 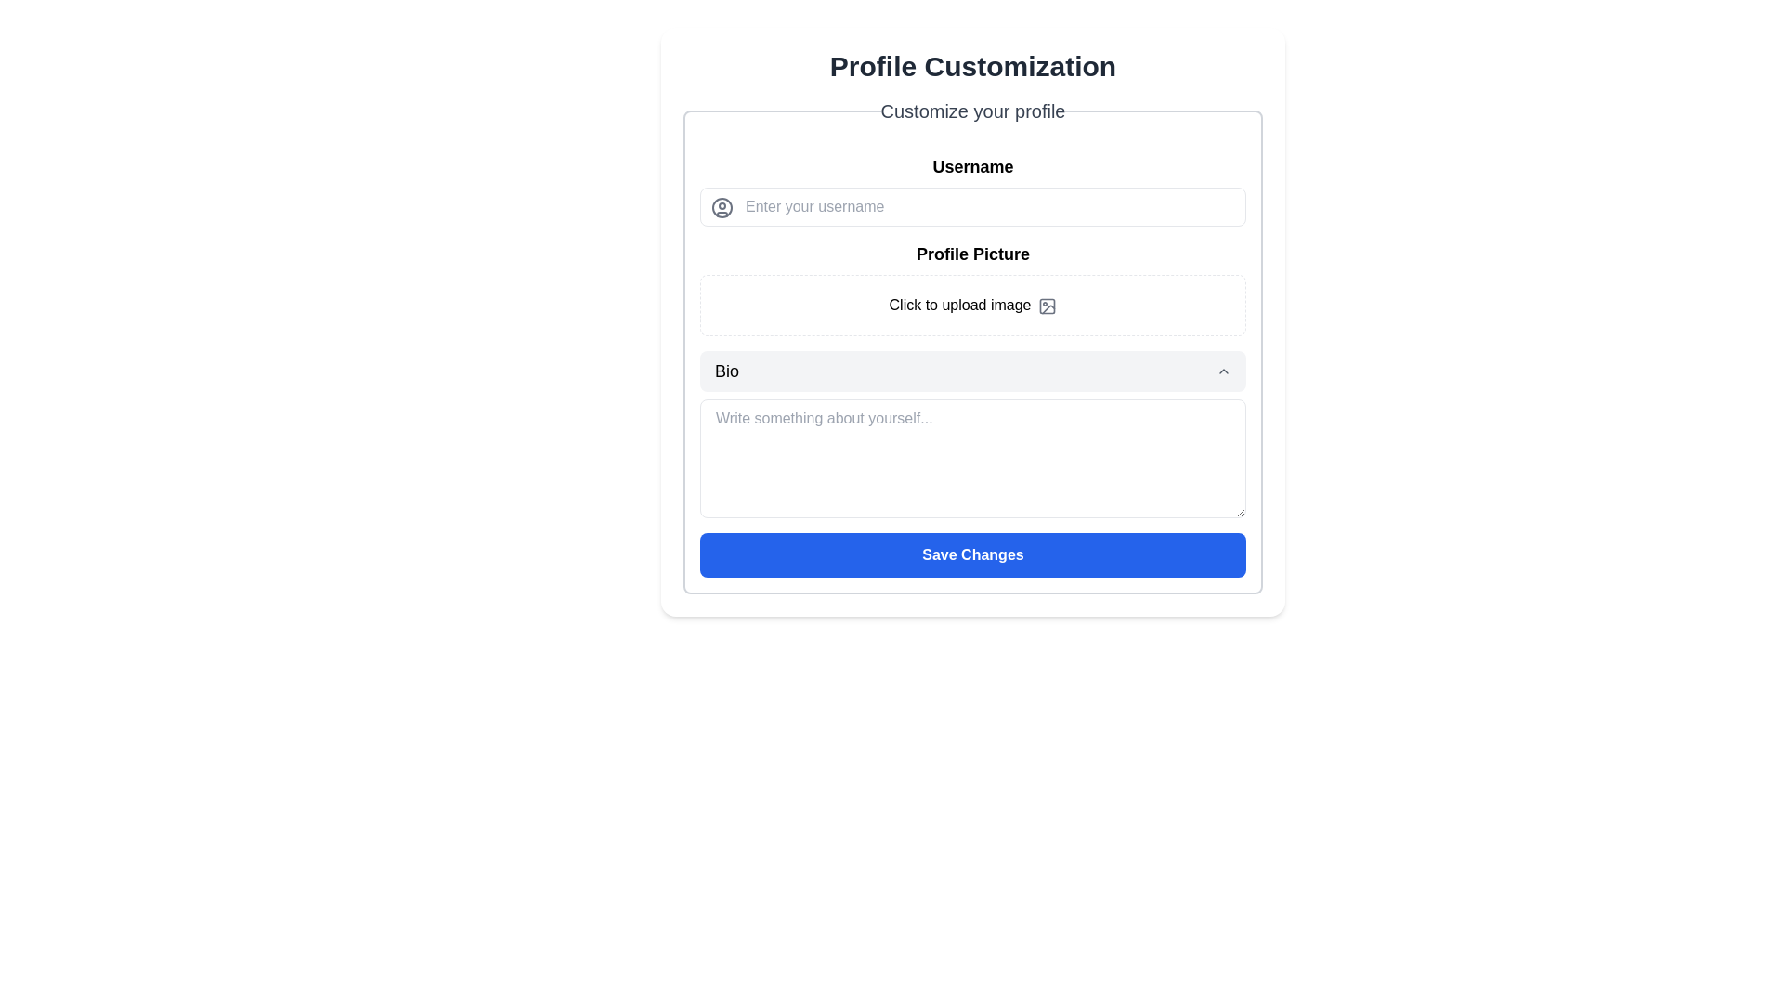 I want to click on the descriptive label for the profile picture upload section, located at the top-center of the interface, directly below the 'Username' input field, so click(x=971, y=254).